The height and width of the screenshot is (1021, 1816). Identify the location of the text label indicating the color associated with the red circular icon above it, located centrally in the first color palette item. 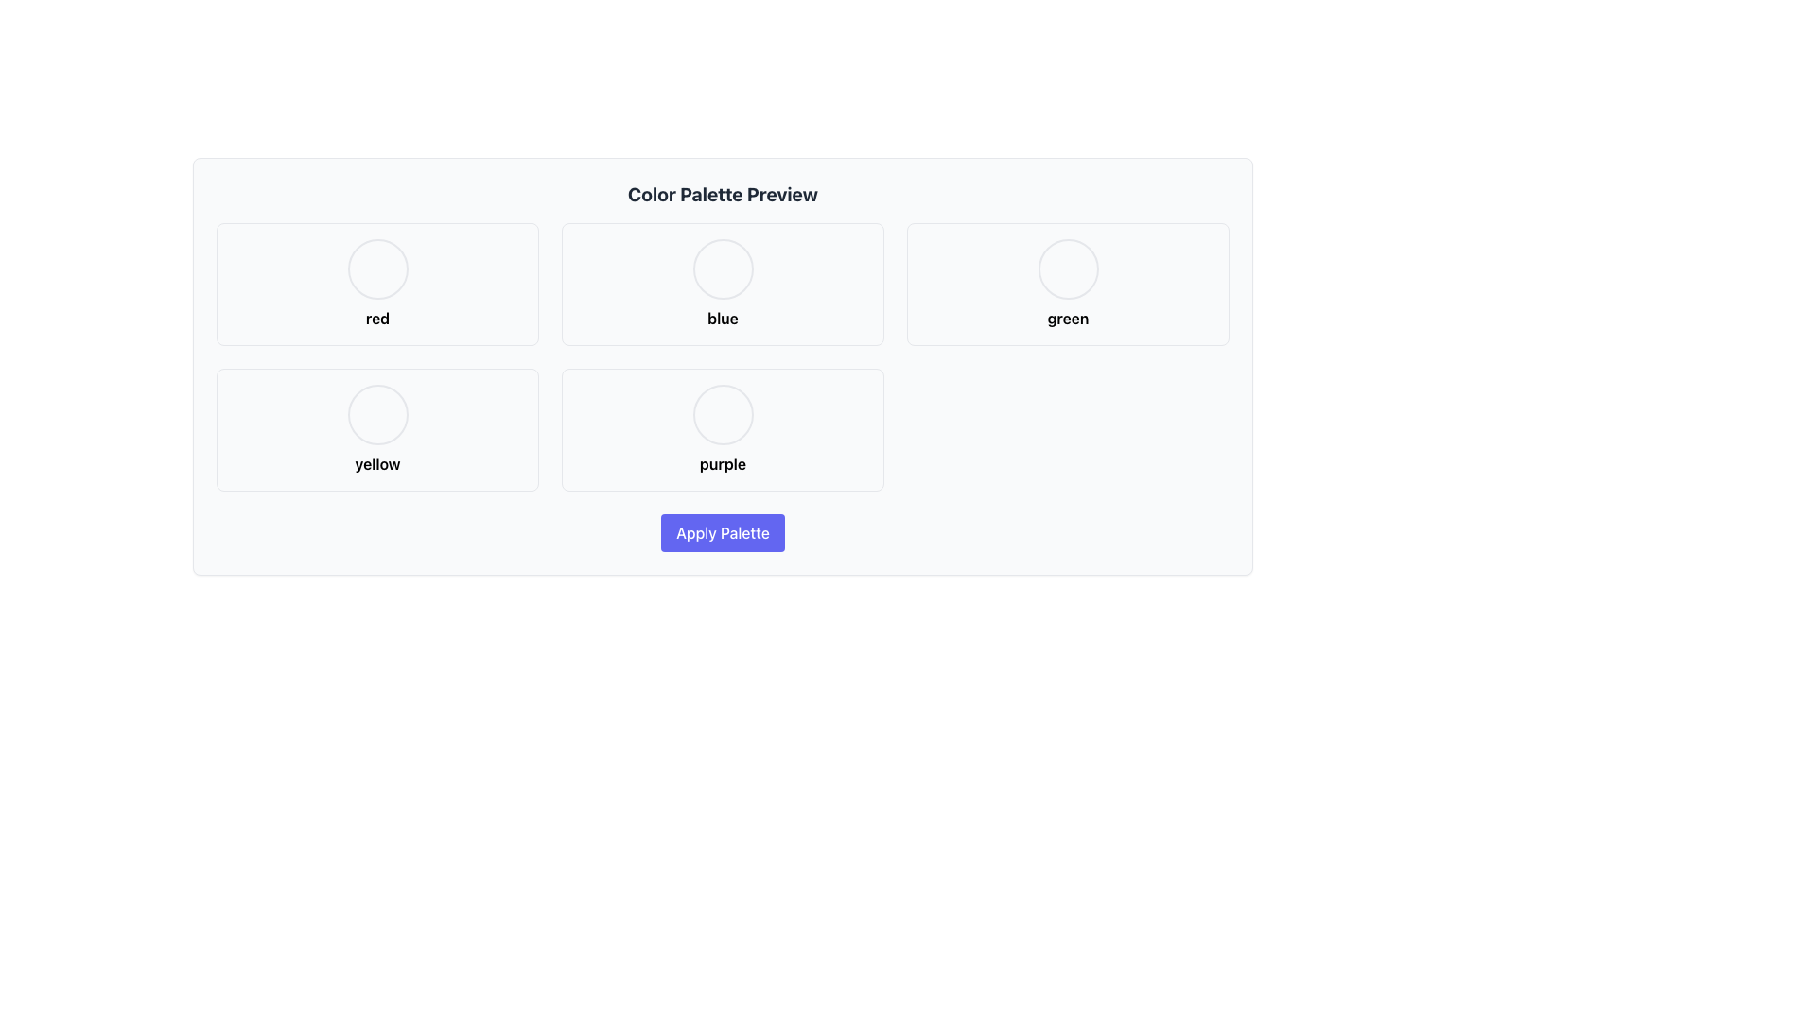
(377, 317).